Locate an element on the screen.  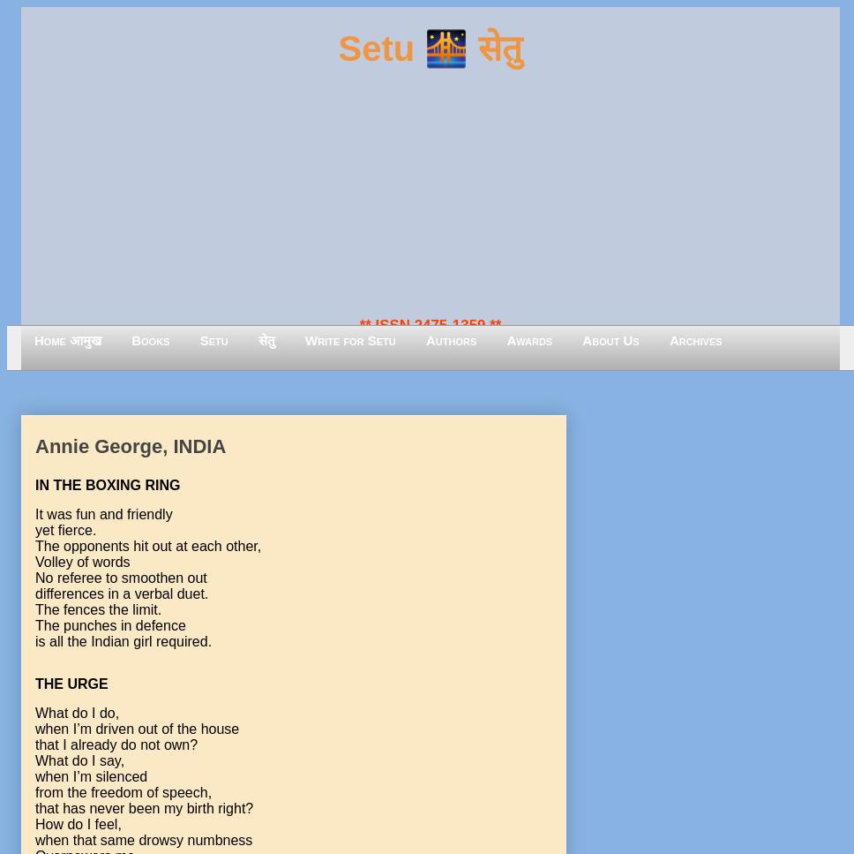
'Awards' is located at coordinates (528, 340).